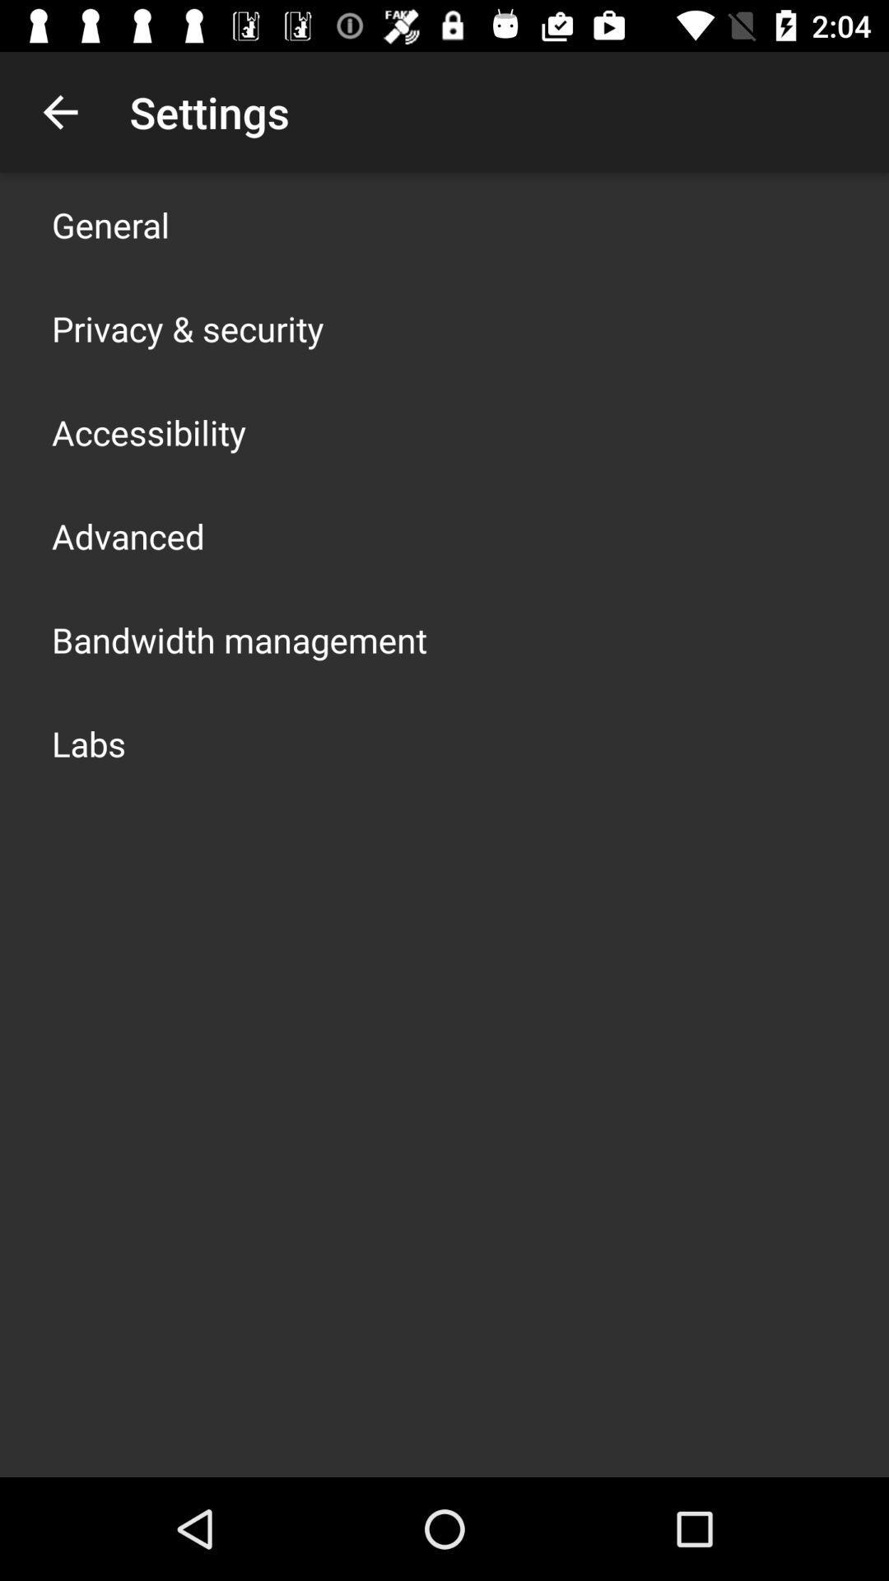 The height and width of the screenshot is (1581, 889). I want to click on item above the accessibility item, so click(187, 328).